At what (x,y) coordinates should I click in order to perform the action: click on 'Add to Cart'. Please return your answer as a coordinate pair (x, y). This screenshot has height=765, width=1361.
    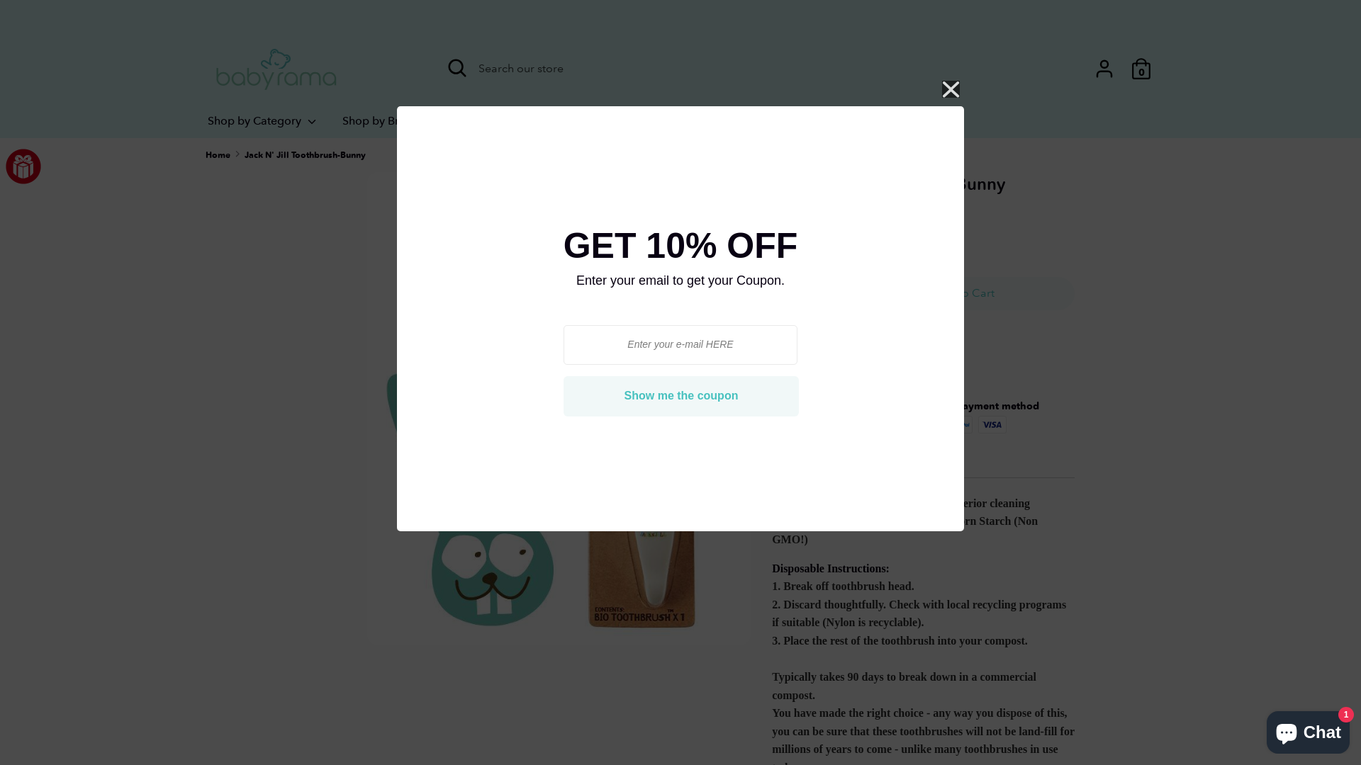
    Looking at the image, I should click on (963, 292).